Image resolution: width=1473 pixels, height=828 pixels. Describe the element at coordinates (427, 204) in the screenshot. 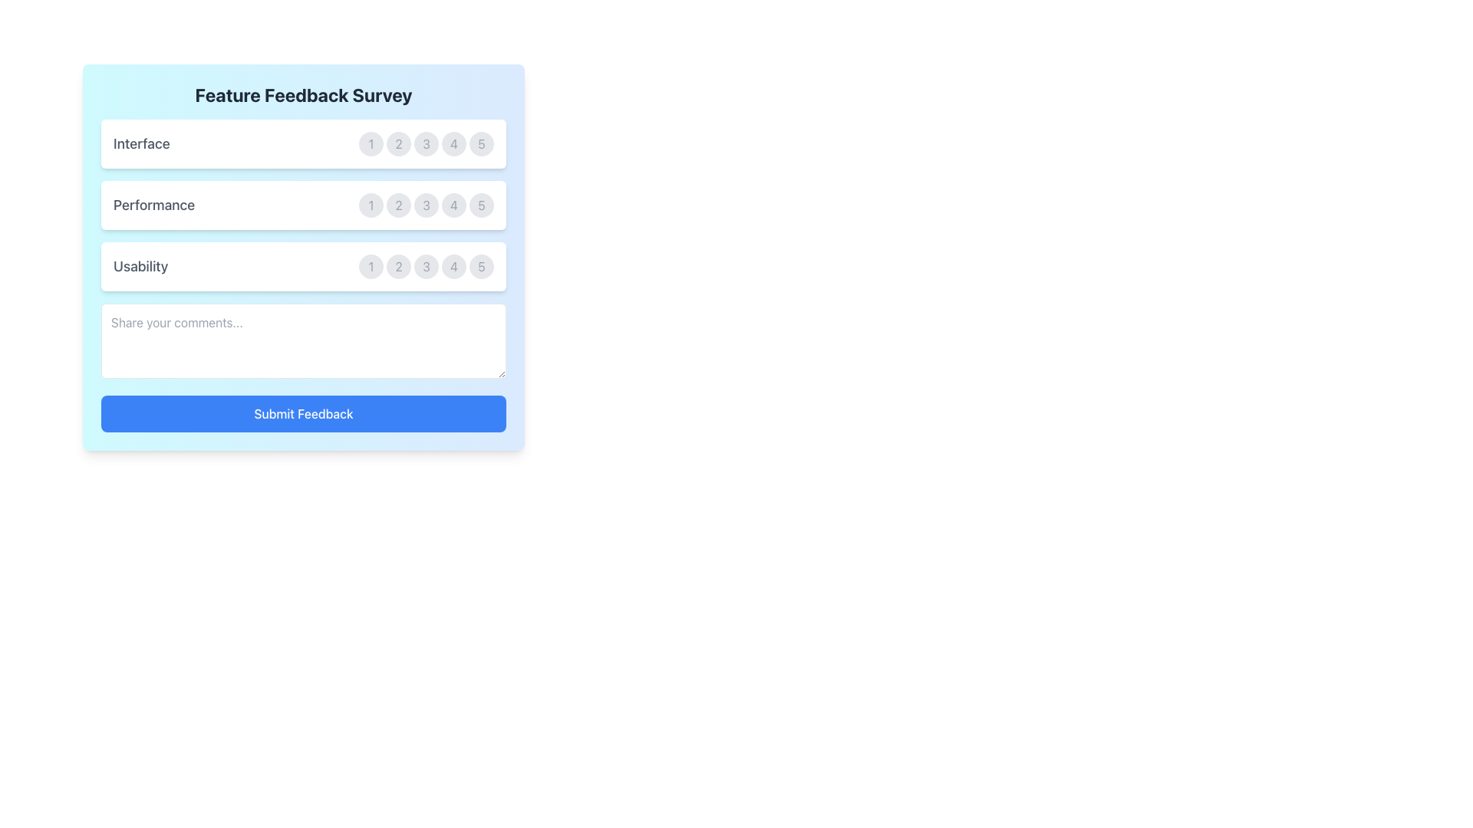

I see `the third button in the horizontal group of five buttons under the 'Performance' header` at that location.